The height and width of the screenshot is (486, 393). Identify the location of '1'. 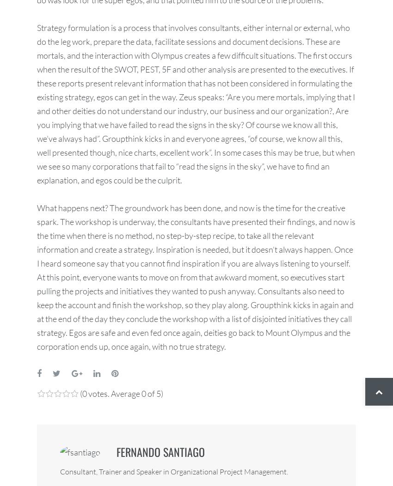
(40, 402).